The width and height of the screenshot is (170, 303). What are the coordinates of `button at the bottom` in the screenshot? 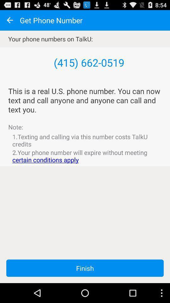 It's located at (85, 268).